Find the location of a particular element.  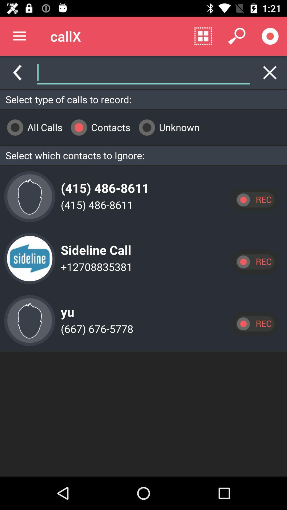

record is located at coordinates (255, 324).